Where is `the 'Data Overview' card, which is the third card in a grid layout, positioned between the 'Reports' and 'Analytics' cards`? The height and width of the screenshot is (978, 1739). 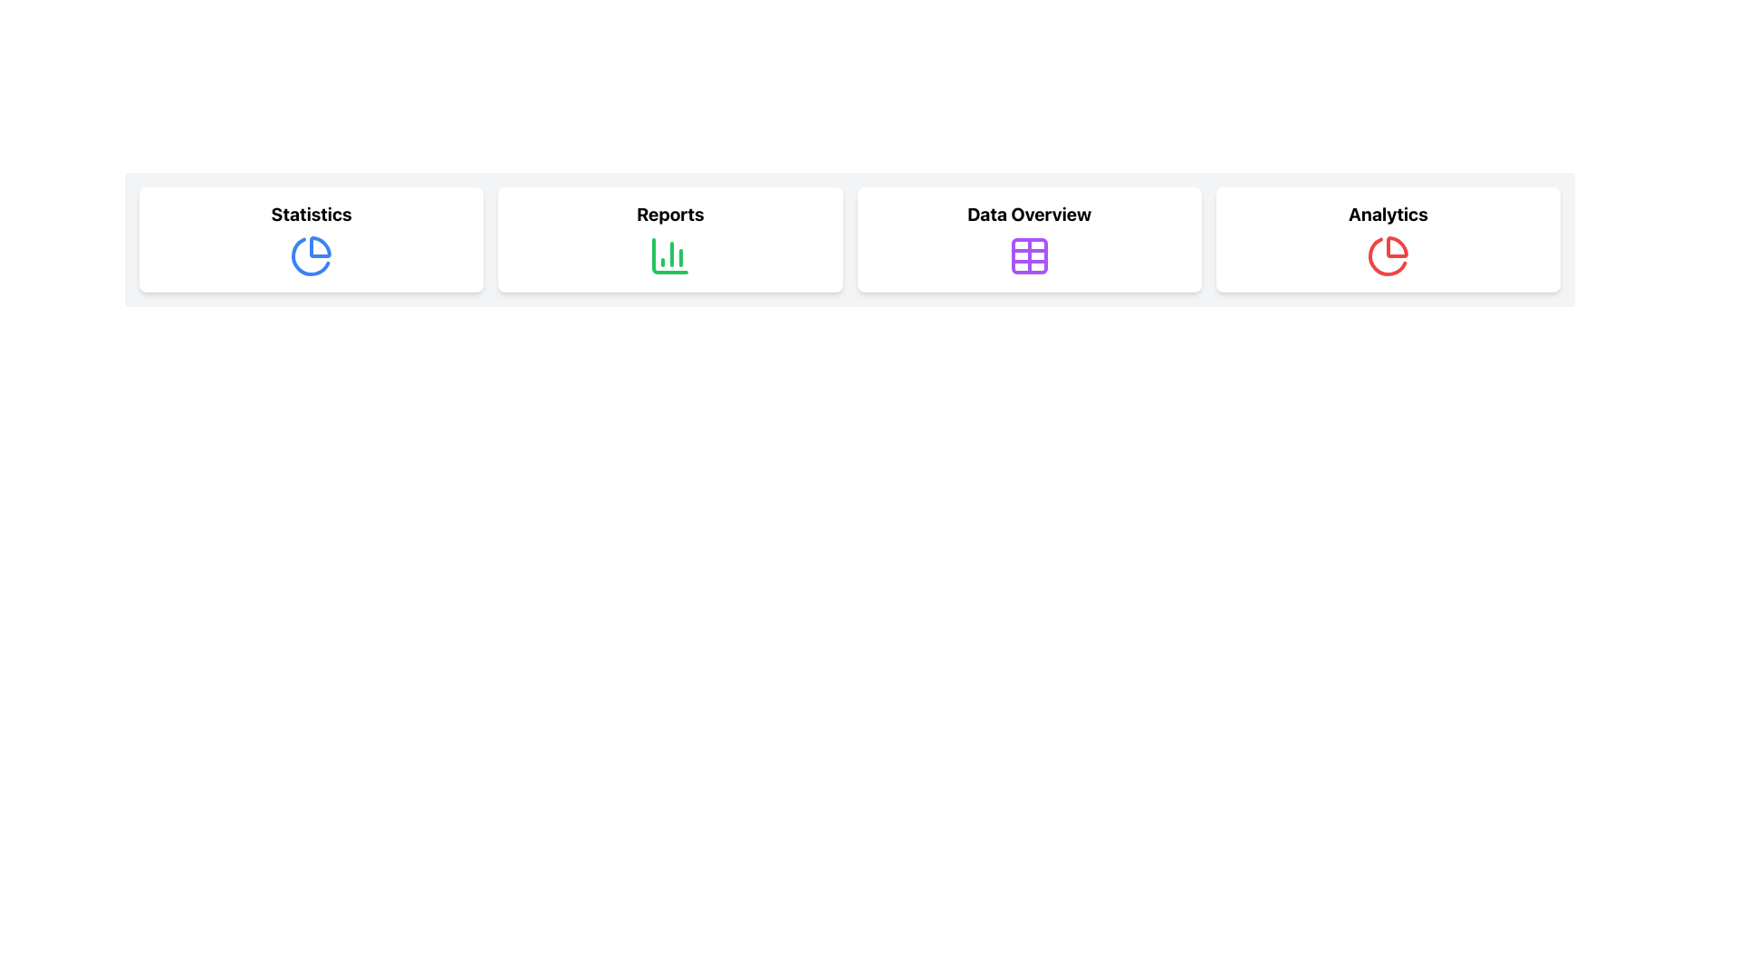
the 'Data Overview' card, which is the third card in a grid layout, positioned between the 'Reports' and 'Analytics' cards is located at coordinates (1029, 239).